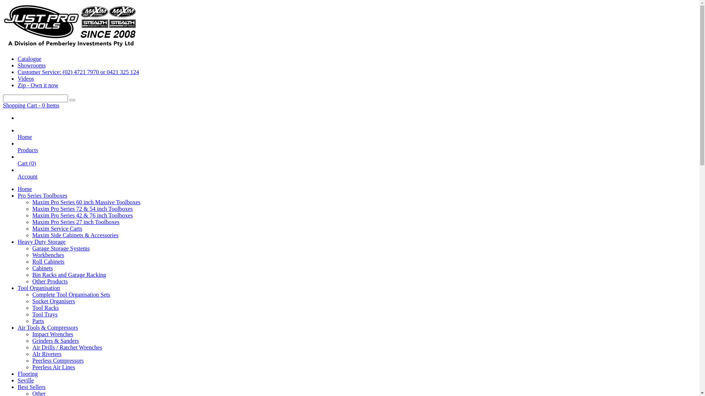 Image resolution: width=705 pixels, height=396 pixels. Describe the element at coordinates (26, 380) in the screenshot. I see `'Seville'` at that location.